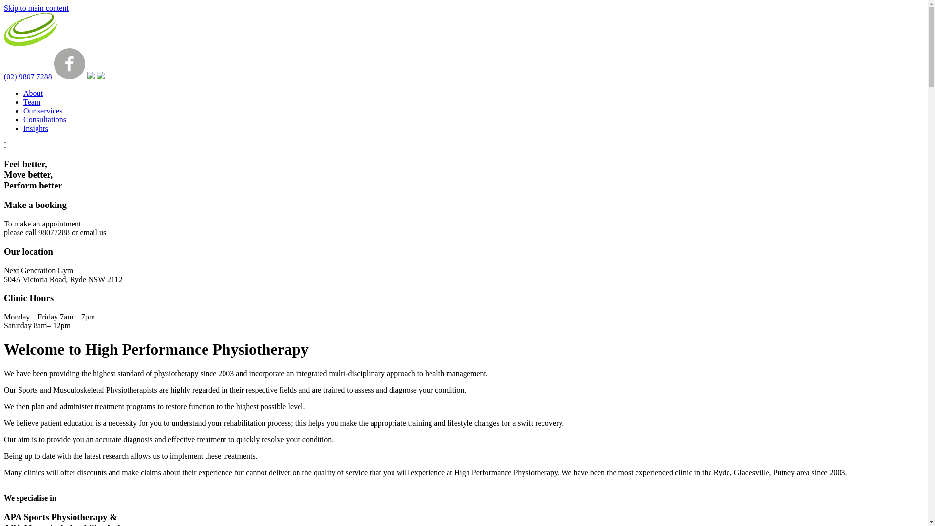  Describe the element at coordinates (44, 119) in the screenshot. I see `'Consultations'` at that location.